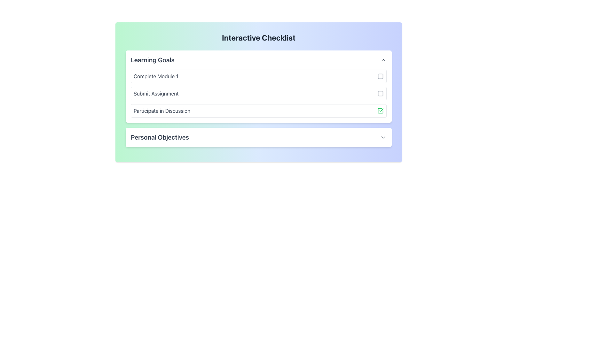 The width and height of the screenshot is (614, 345). Describe the element at coordinates (259, 76) in the screenshot. I see `the checkbox next to the 'Complete Module 1' checklist item to mark or unmark the task` at that location.